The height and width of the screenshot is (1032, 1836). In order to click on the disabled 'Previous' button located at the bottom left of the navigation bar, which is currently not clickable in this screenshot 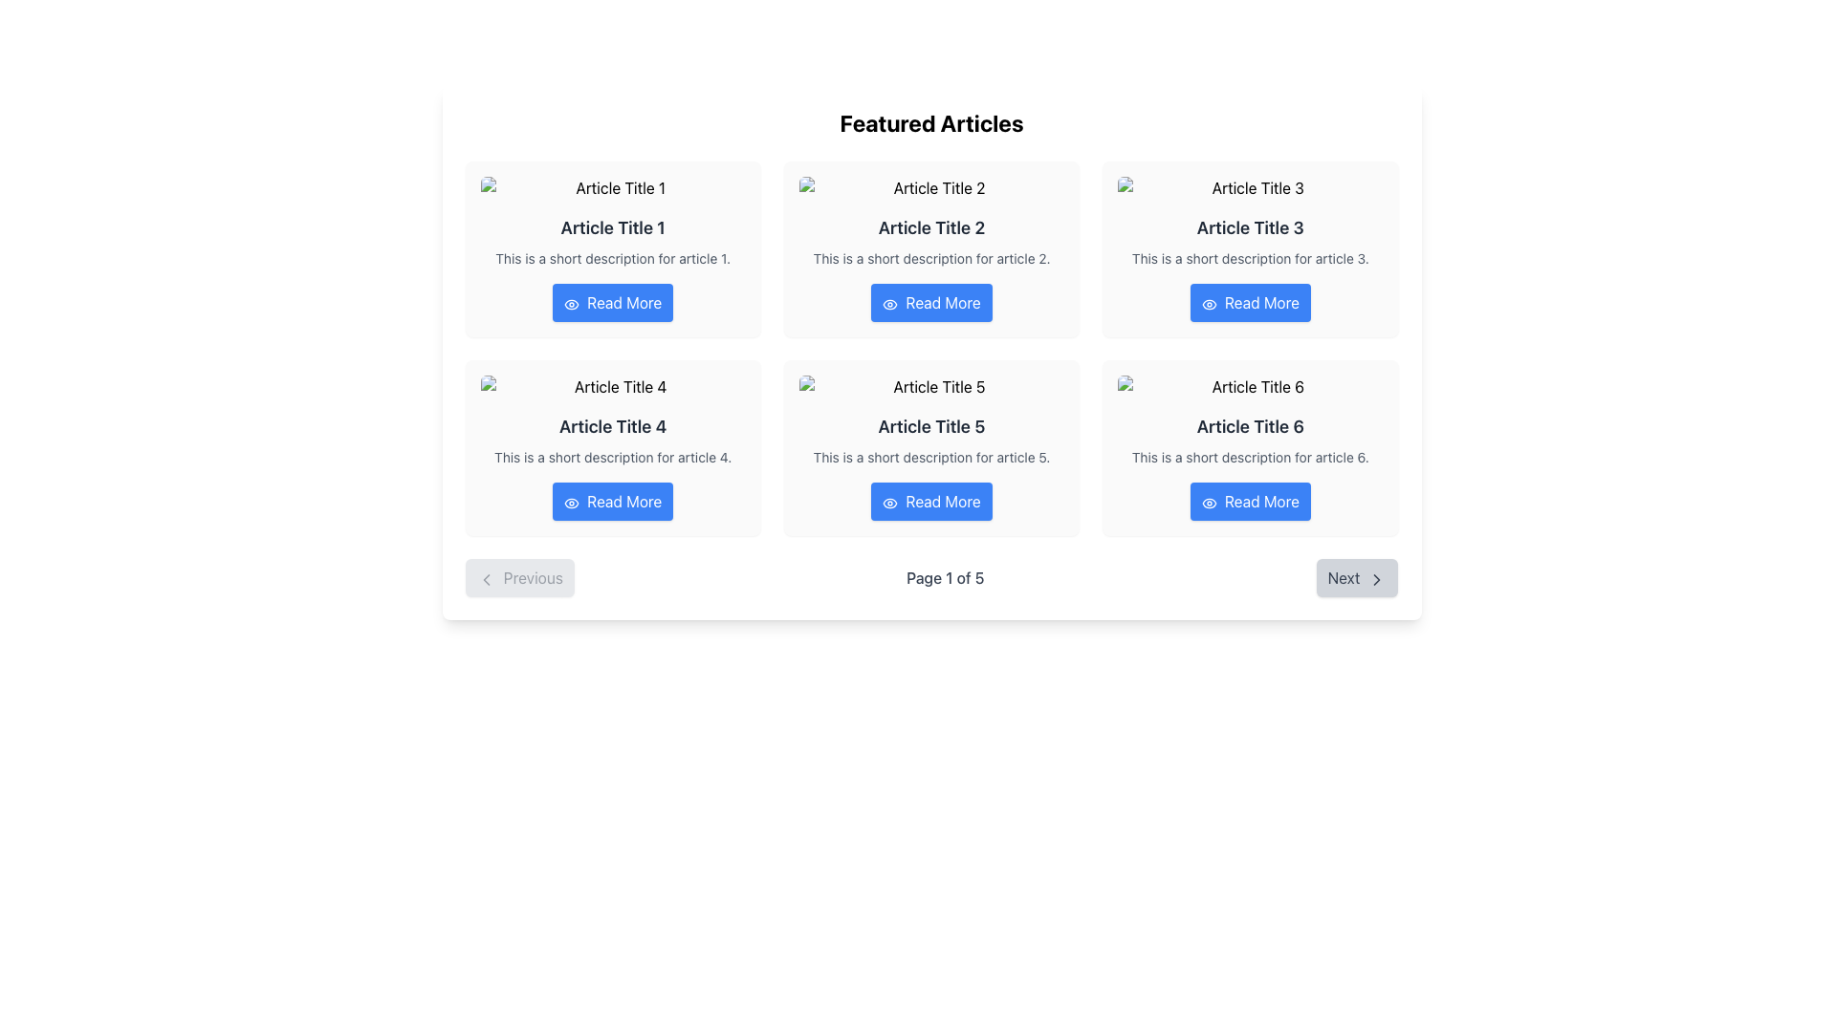, I will do `click(519, 577)`.